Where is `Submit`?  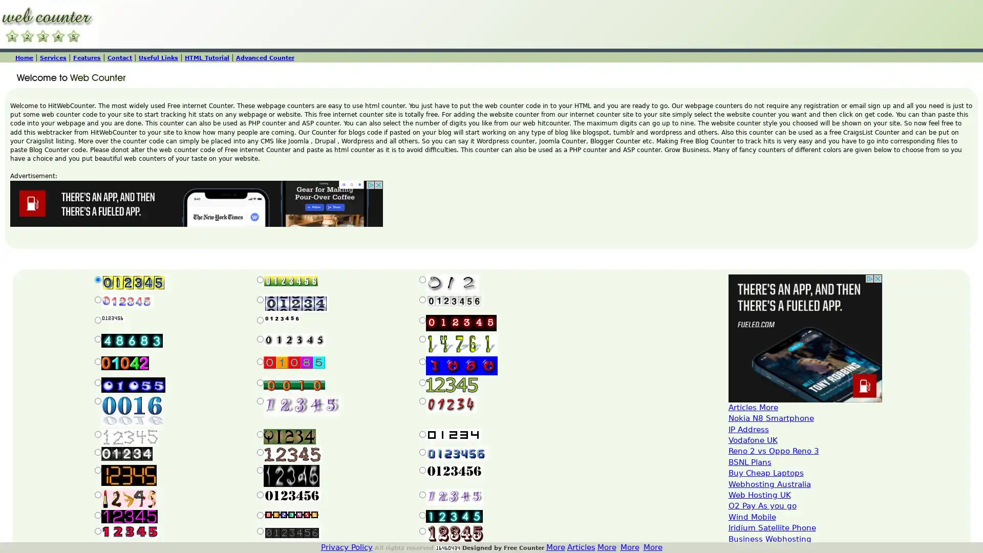 Submit is located at coordinates (454, 533).